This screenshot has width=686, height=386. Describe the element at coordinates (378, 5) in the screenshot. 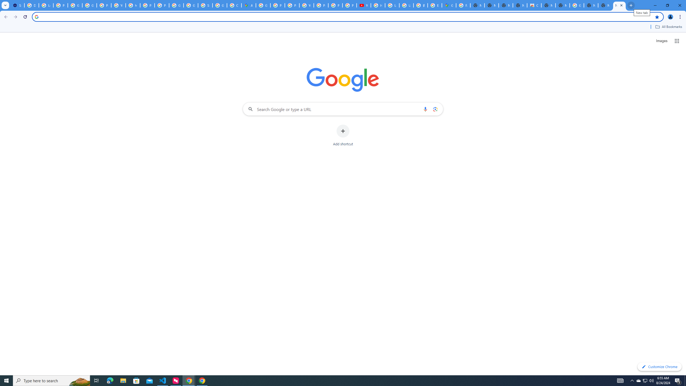

I see `'How Chrome protects your passwords - Google Chrome Help'` at that location.